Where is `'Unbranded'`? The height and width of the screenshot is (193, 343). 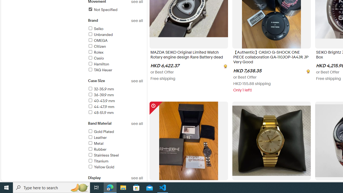 'Unbranded' is located at coordinates (100, 35).